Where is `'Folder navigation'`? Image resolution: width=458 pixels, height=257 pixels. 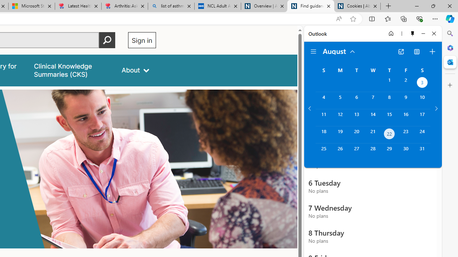
'Folder navigation' is located at coordinates (313, 51).